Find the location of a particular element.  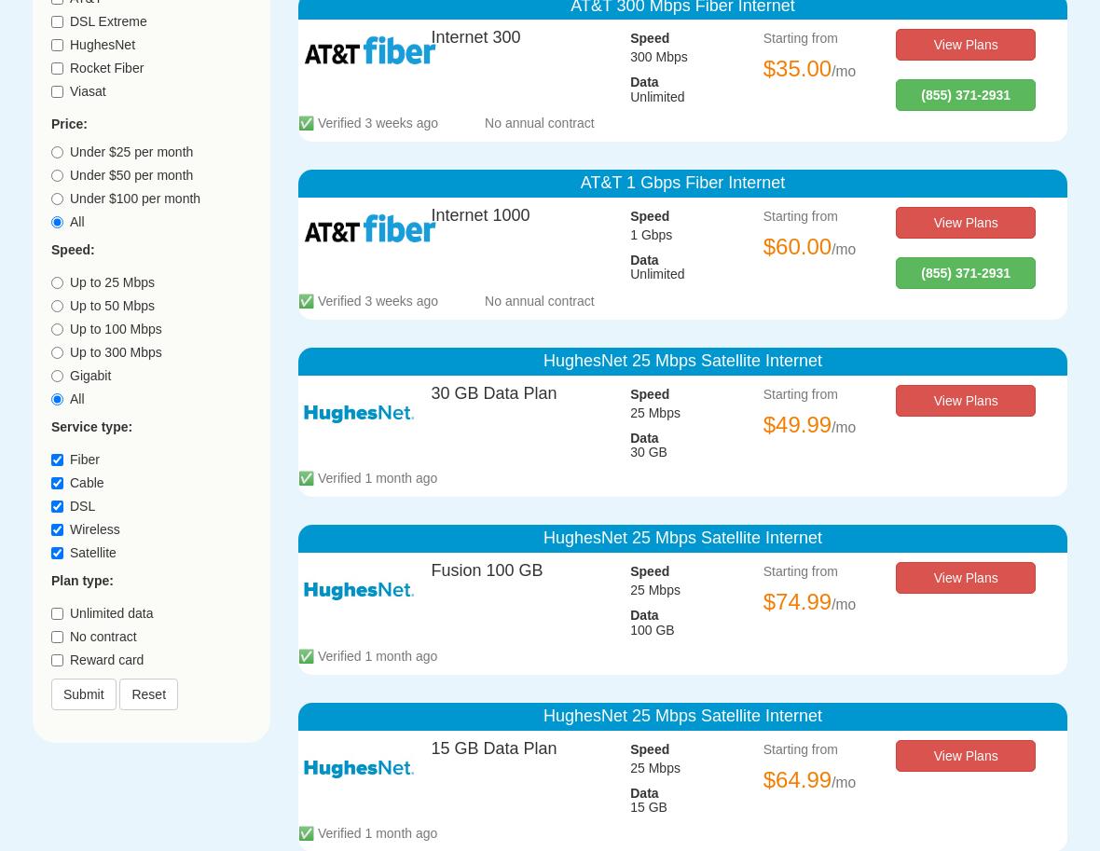

'300 Mbps' is located at coordinates (629, 55).